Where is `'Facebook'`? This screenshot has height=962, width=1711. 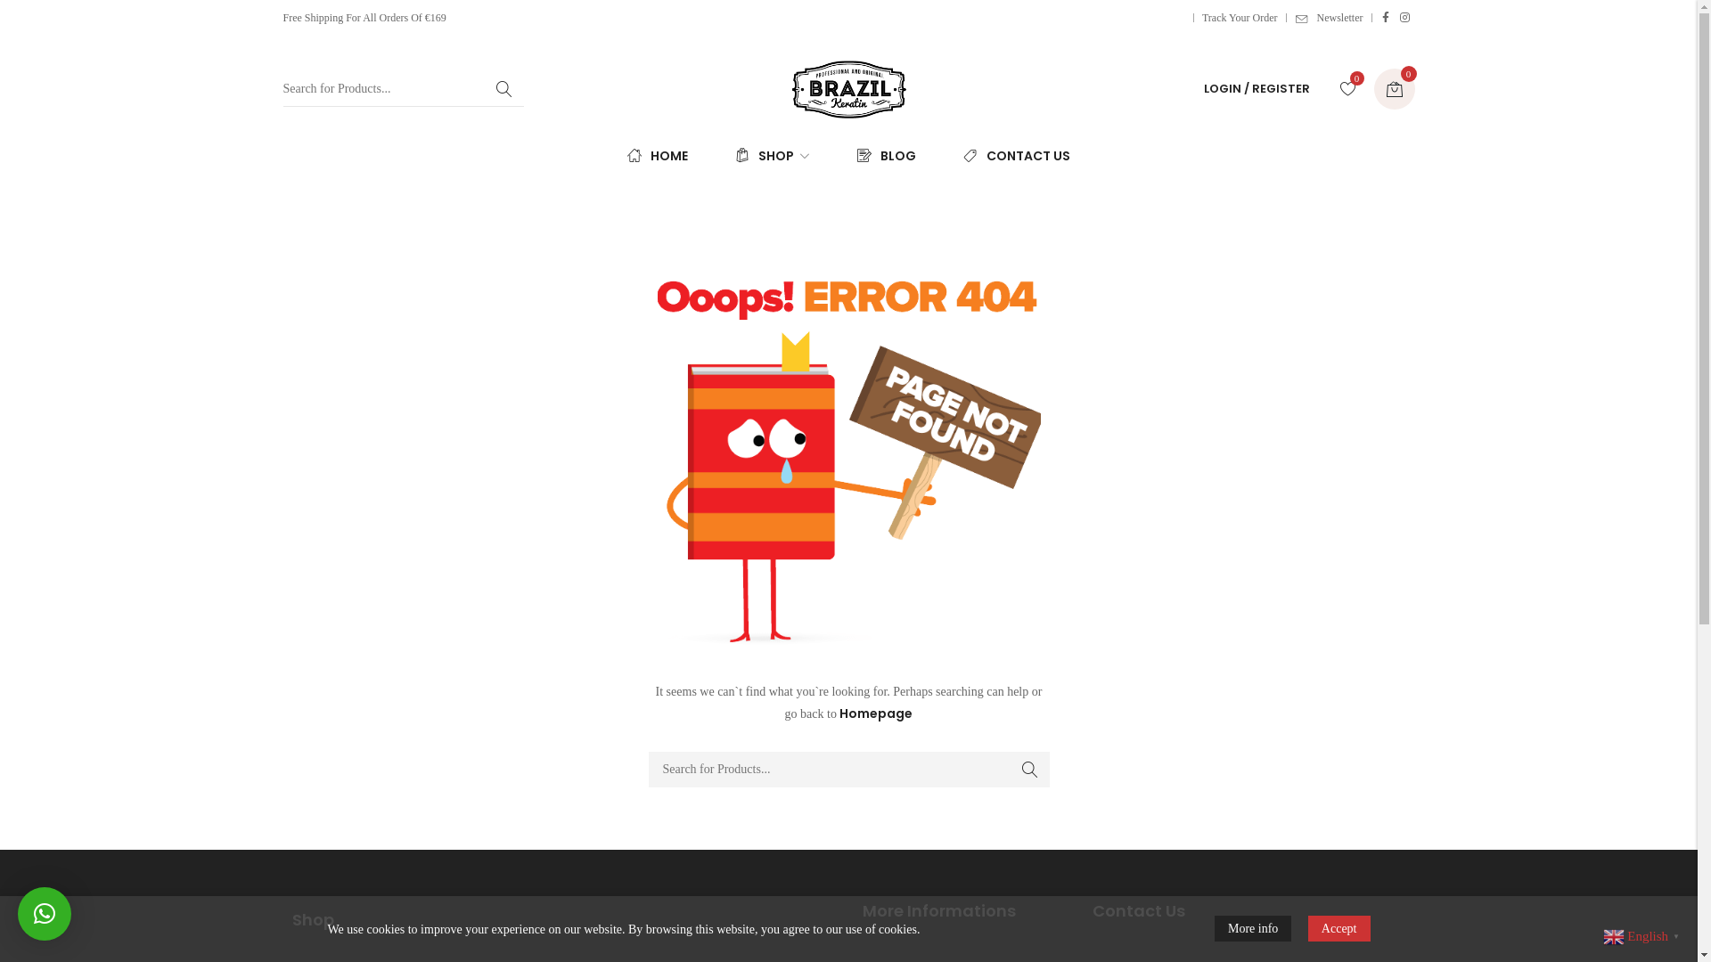 'Facebook' is located at coordinates (1384, 17).